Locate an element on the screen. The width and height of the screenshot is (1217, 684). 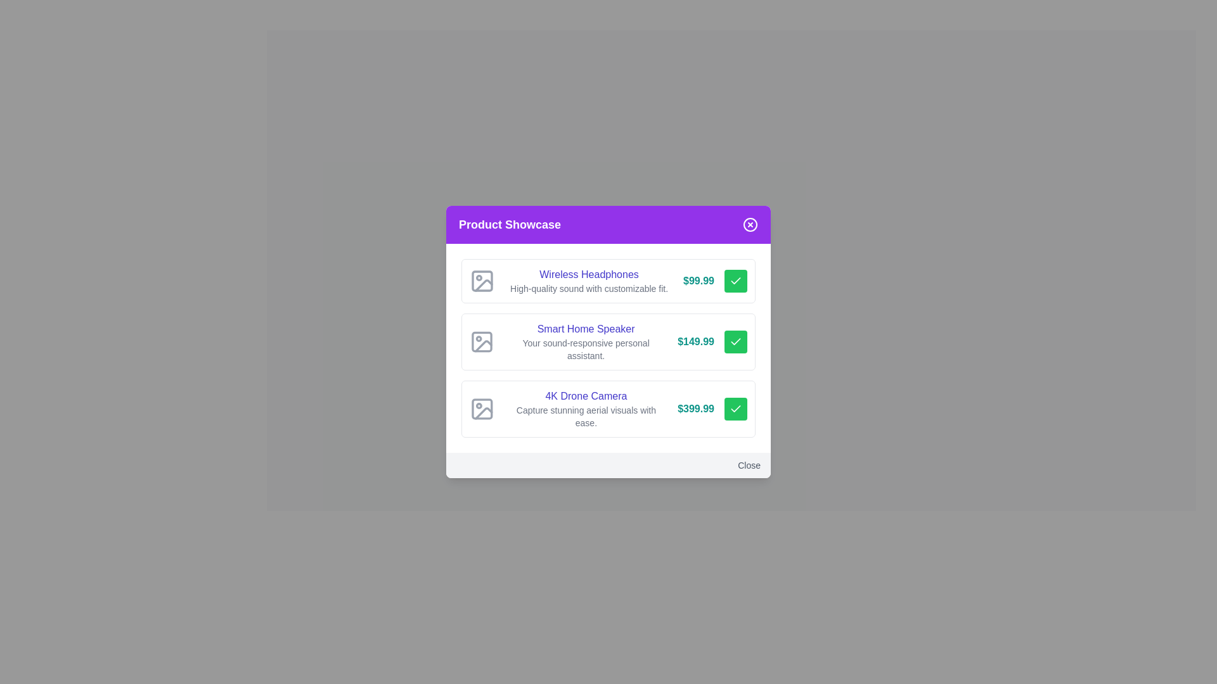
the checkmark icon indicating selection or confirmation for the 'Smart Home Speaker' product in the top-middle-right portion of the interface is located at coordinates (736, 342).